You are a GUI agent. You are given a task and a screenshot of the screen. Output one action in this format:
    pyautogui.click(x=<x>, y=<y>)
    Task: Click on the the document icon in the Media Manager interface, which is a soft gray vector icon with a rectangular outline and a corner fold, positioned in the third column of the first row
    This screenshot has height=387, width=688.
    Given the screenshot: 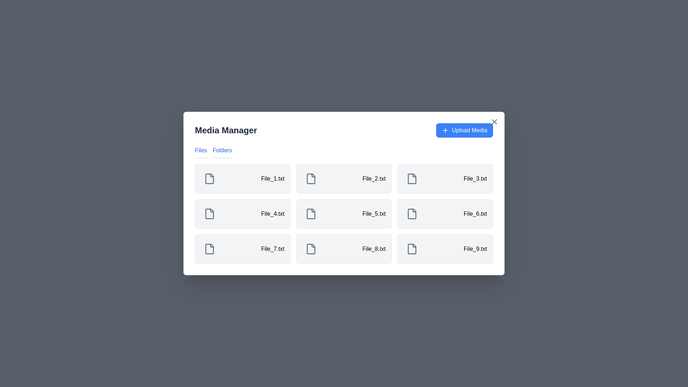 What is the action you would take?
    pyautogui.click(x=412, y=178)
    